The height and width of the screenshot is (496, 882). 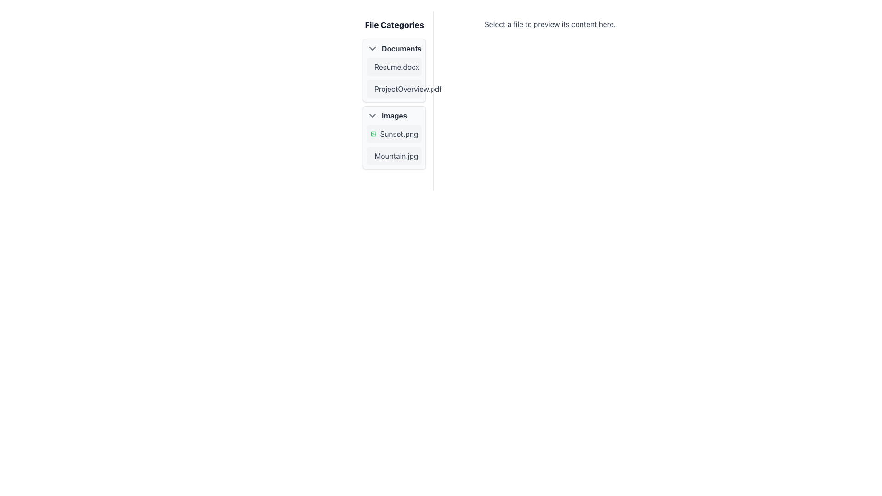 What do you see at coordinates (394, 67) in the screenshot?
I see `the file name 'Resume.docx' in the Documents section` at bounding box center [394, 67].